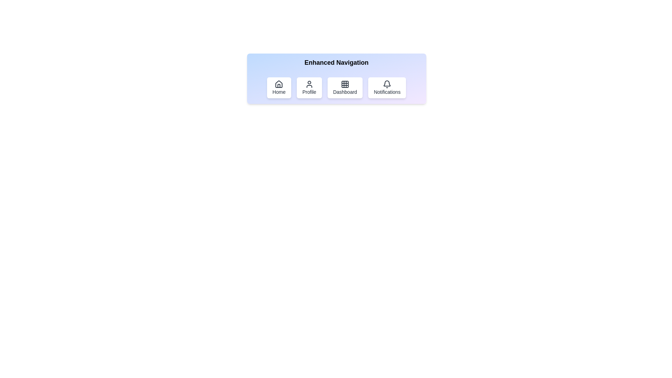 The height and width of the screenshot is (378, 672). What do you see at coordinates (336, 87) in the screenshot?
I see `the third button in the navigation bar` at bounding box center [336, 87].